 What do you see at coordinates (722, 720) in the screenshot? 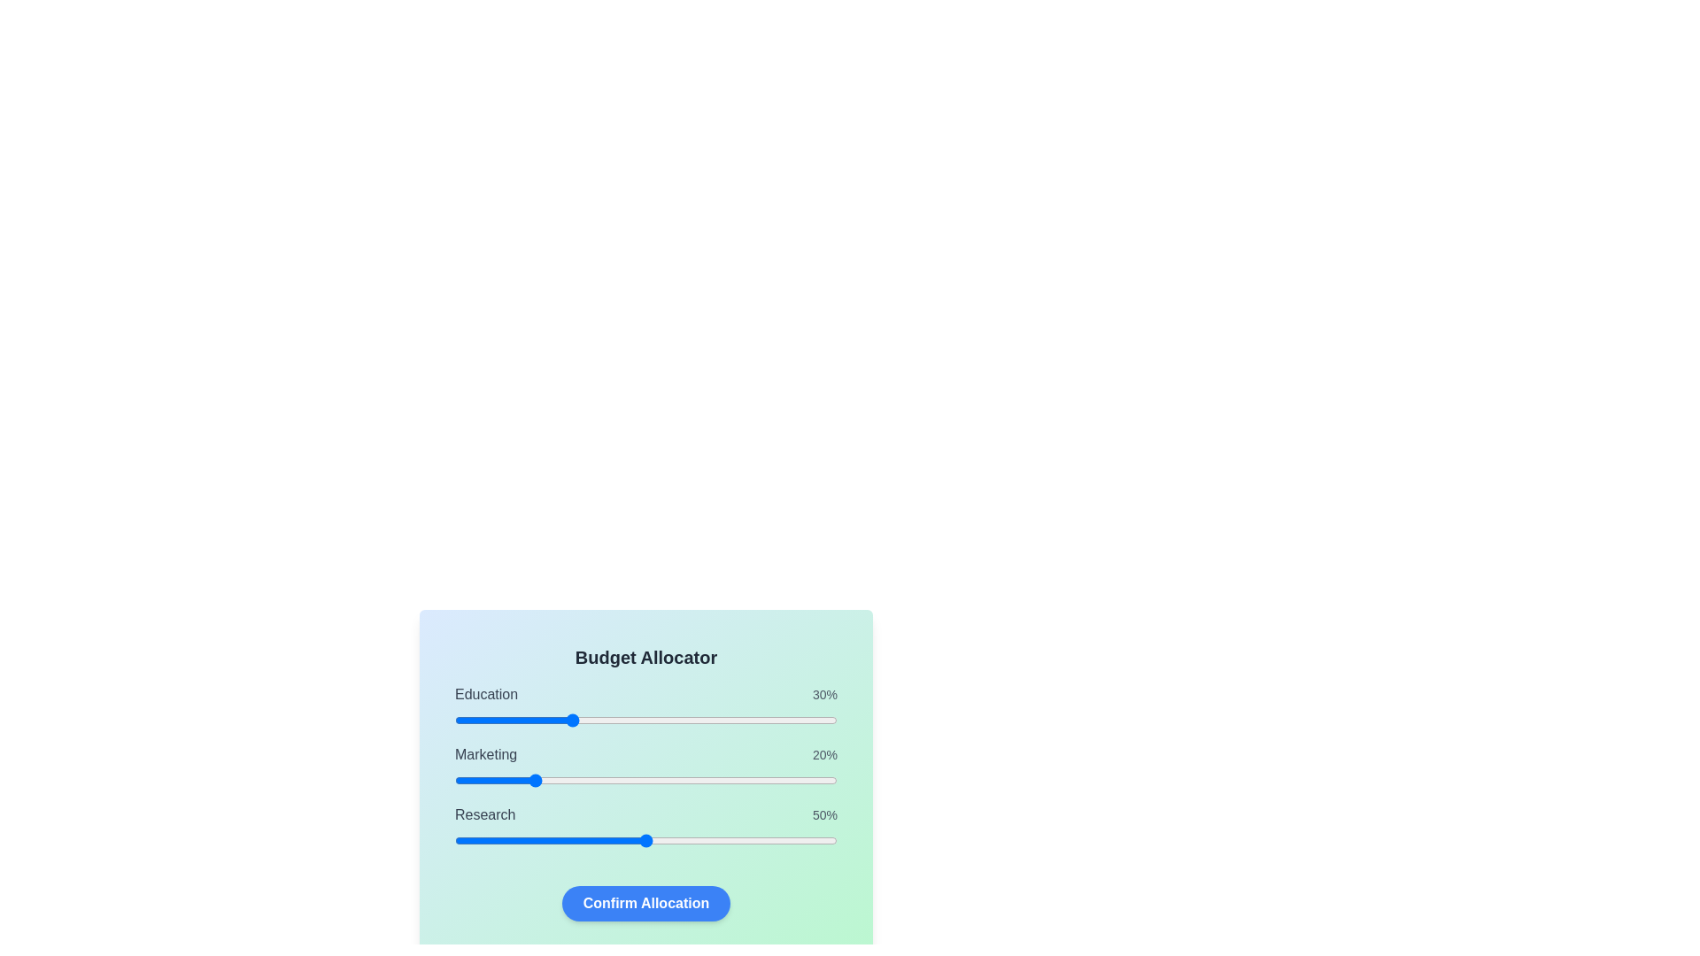
I see `the Education slider to 70%` at bounding box center [722, 720].